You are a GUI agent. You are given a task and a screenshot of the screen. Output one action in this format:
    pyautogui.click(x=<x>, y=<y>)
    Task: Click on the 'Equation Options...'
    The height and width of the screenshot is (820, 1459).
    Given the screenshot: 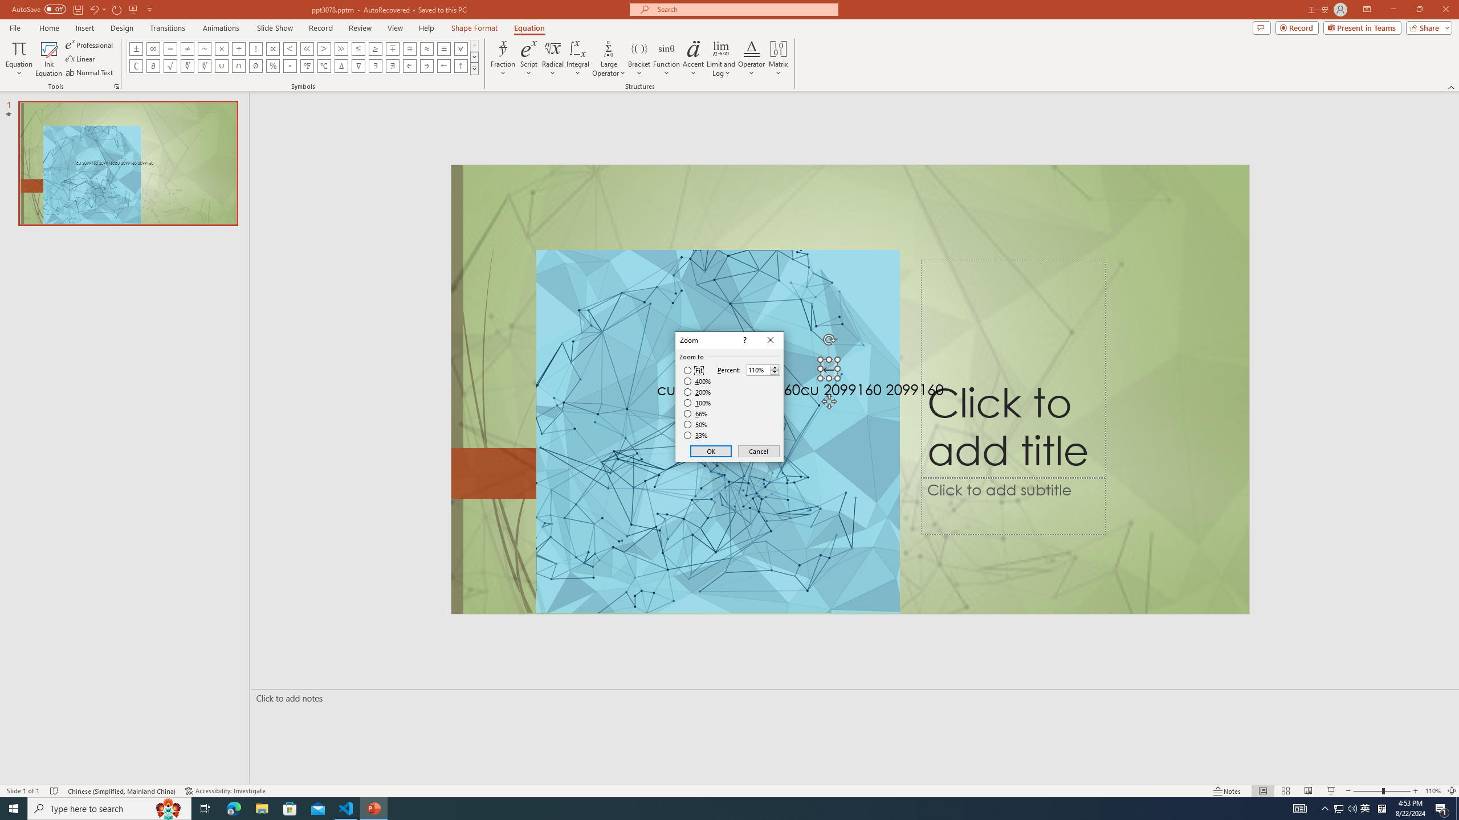 What is the action you would take?
    pyautogui.click(x=116, y=85)
    